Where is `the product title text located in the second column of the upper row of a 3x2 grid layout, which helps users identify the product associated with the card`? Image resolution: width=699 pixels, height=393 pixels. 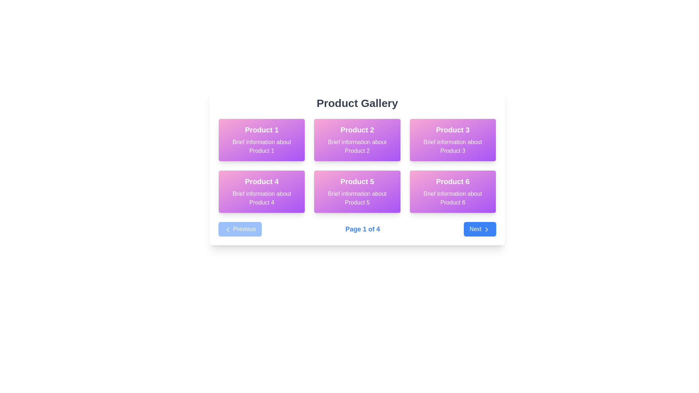 the product title text located in the second column of the upper row of a 3x2 grid layout, which helps users identify the product associated with the card is located at coordinates (357, 130).